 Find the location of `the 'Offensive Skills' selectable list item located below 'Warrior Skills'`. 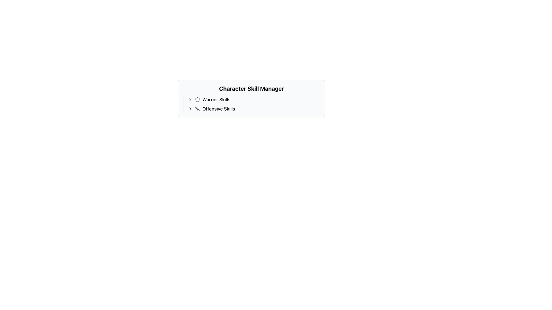

the 'Offensive Skills' selectable list item located below 'Warrior Skills' is located at coordinates (254, 108).